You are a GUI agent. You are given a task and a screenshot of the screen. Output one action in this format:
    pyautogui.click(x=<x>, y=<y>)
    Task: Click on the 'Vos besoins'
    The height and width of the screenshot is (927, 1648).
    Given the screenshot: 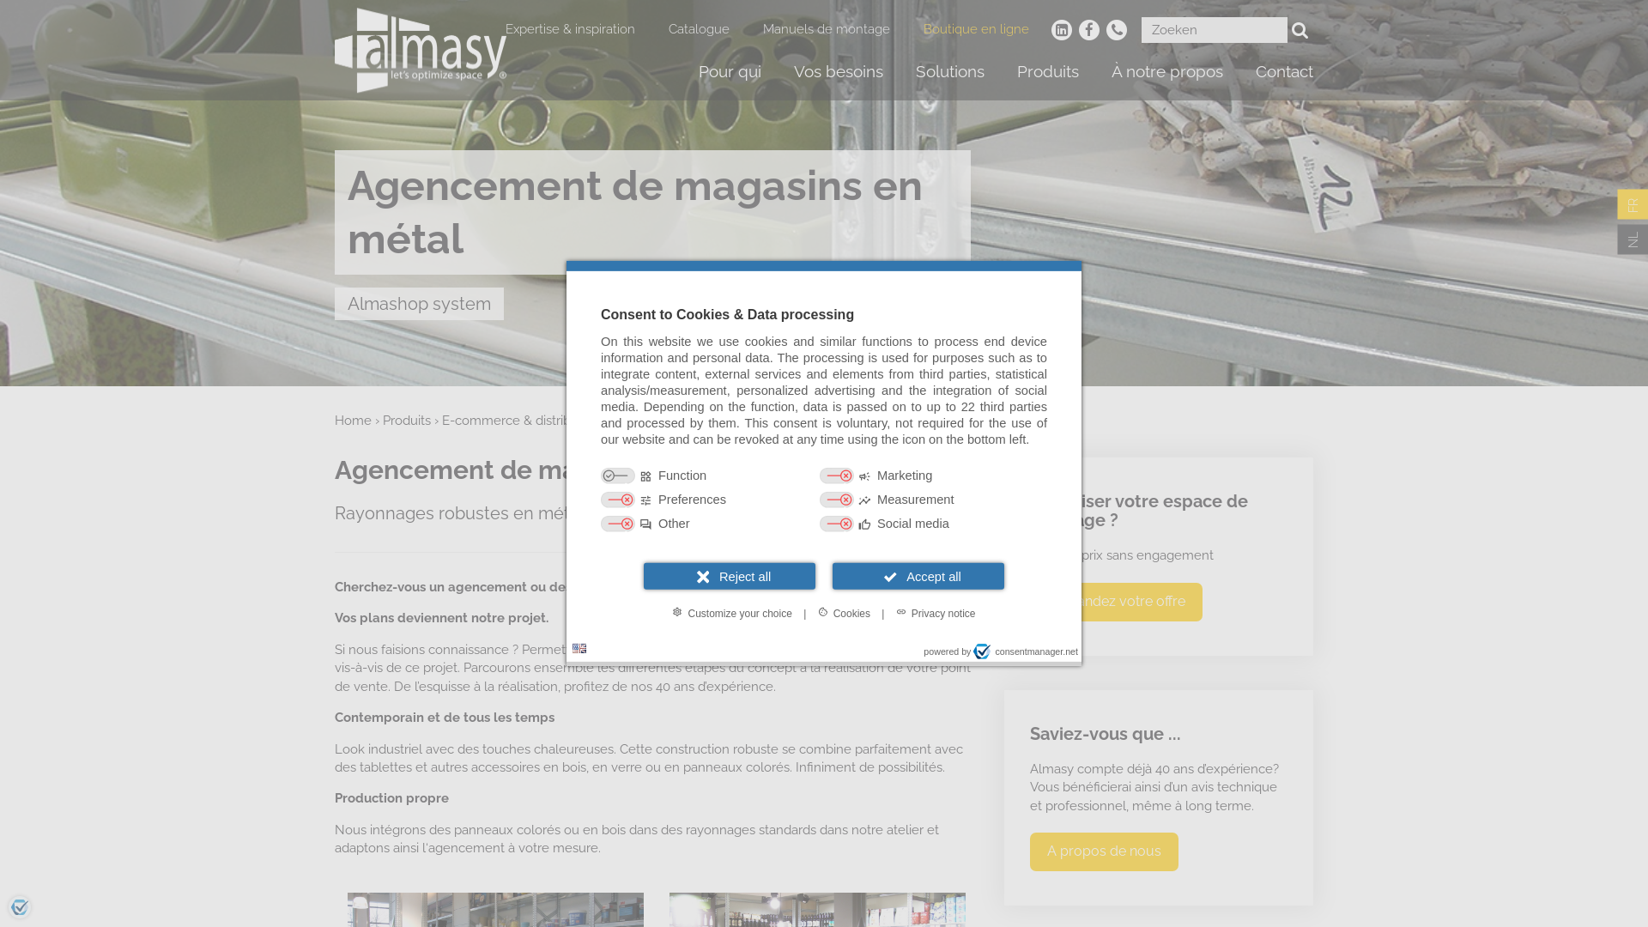 What is the action you would take?
    pyautogui.click(x=839, y=70)
    